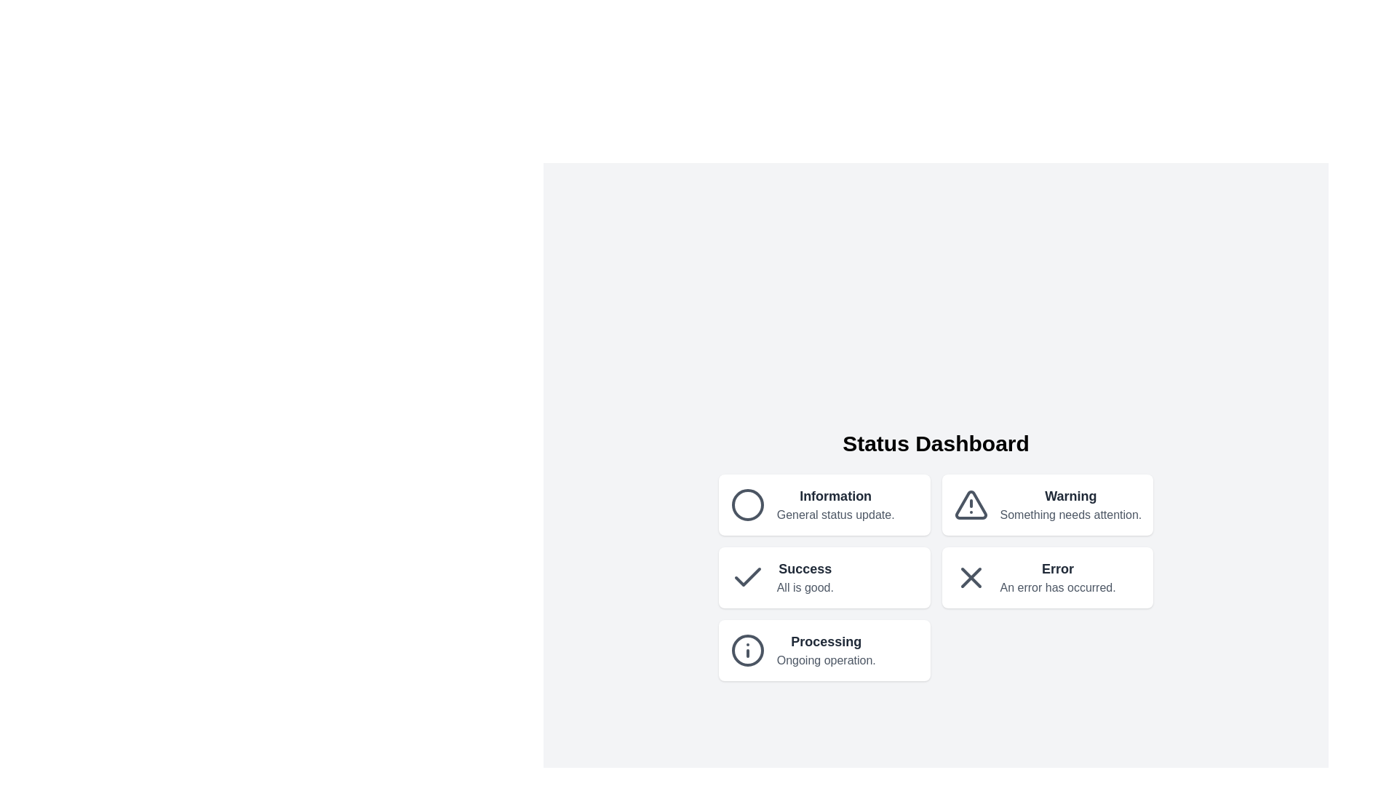  Describe the element at coordinates (971, 504) in the screenshot. I see `the SVG icon of a triangle with an exclamation mark inside, styled in gray, located in the left part of the 'Warning' card within the dashboard view` at that location.